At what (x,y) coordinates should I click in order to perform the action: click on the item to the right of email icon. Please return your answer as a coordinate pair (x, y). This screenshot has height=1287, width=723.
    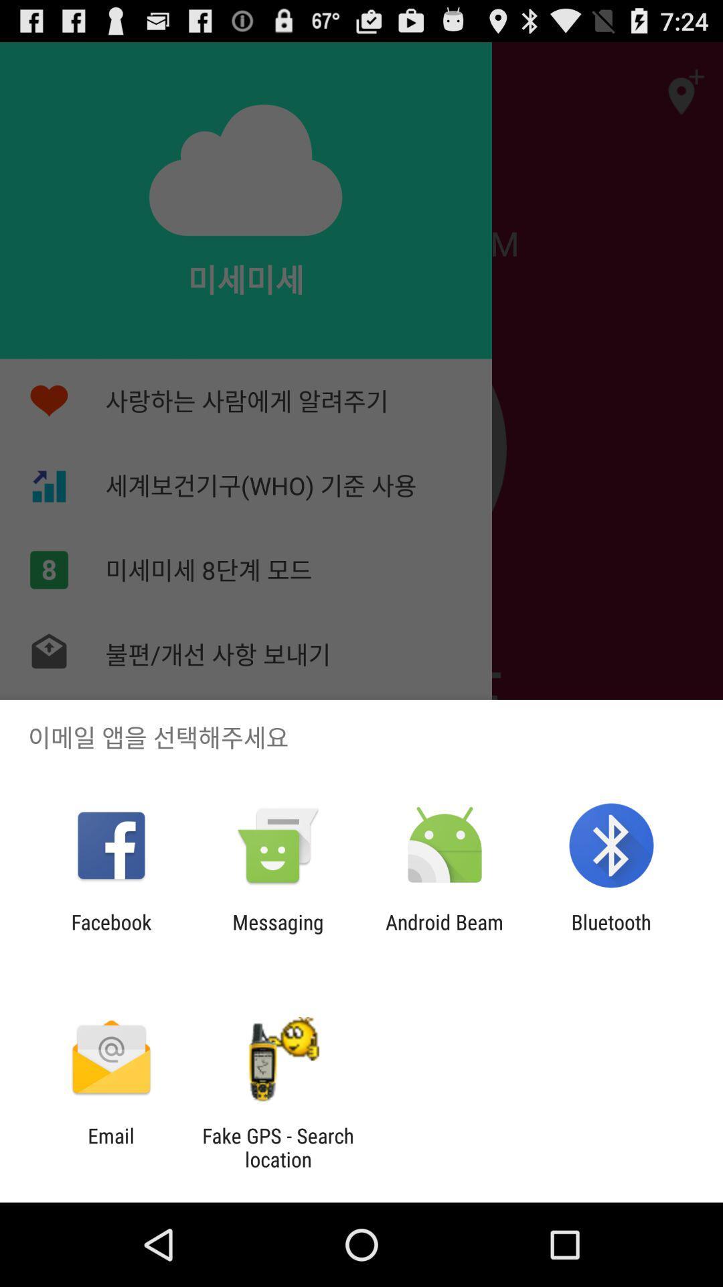
    Looking at the image, I should click on (277, 1147).